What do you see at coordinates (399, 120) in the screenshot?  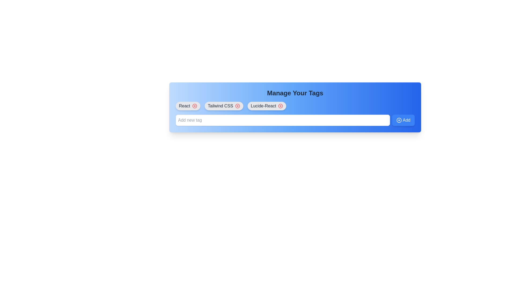 I see `the circular blue icon with a '+' symbol inside, located to the left of the text 'Add' on the right side of the interface` at bounding box center [399, 120].